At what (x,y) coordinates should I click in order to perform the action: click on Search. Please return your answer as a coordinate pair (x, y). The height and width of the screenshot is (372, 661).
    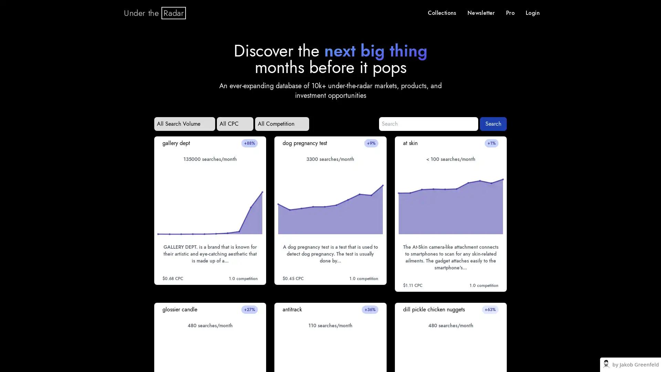
    Looking at the image, I should click on (493, 123).